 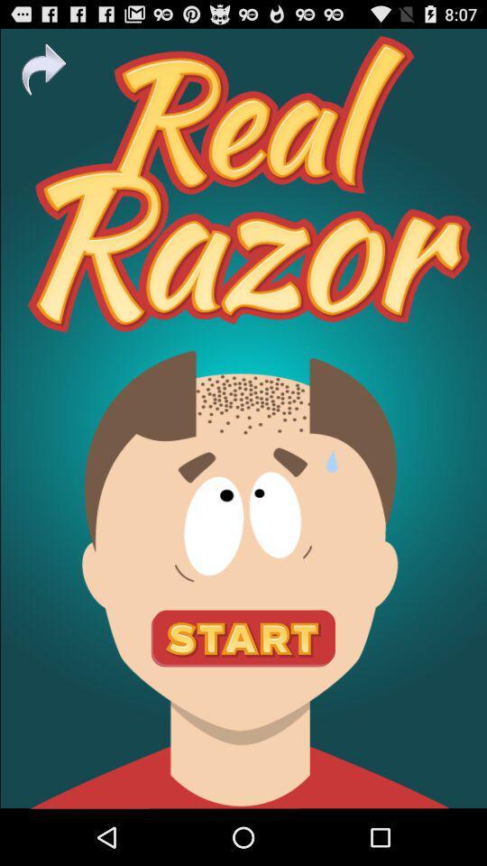 I want to click on the sliders icon, so click(x=243, y=682).